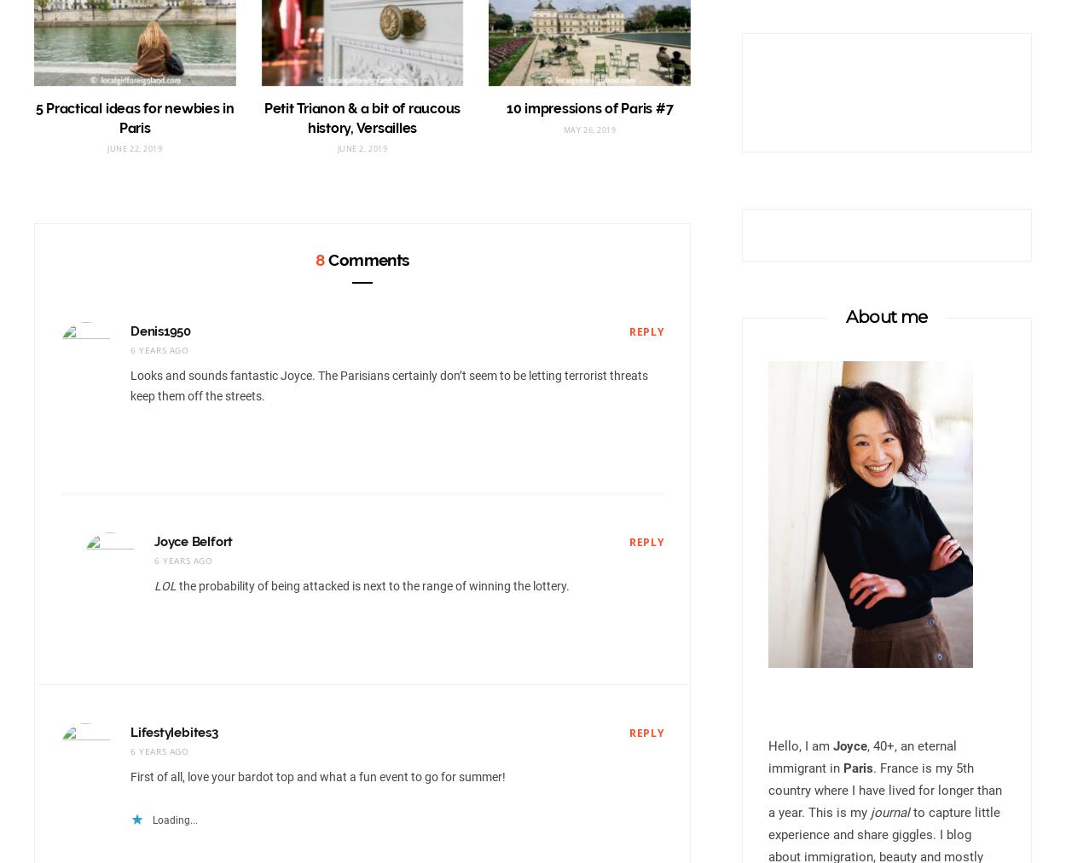 The image size is (1066, 863). I want to click on 'Hello, I am', so click(800, 745).